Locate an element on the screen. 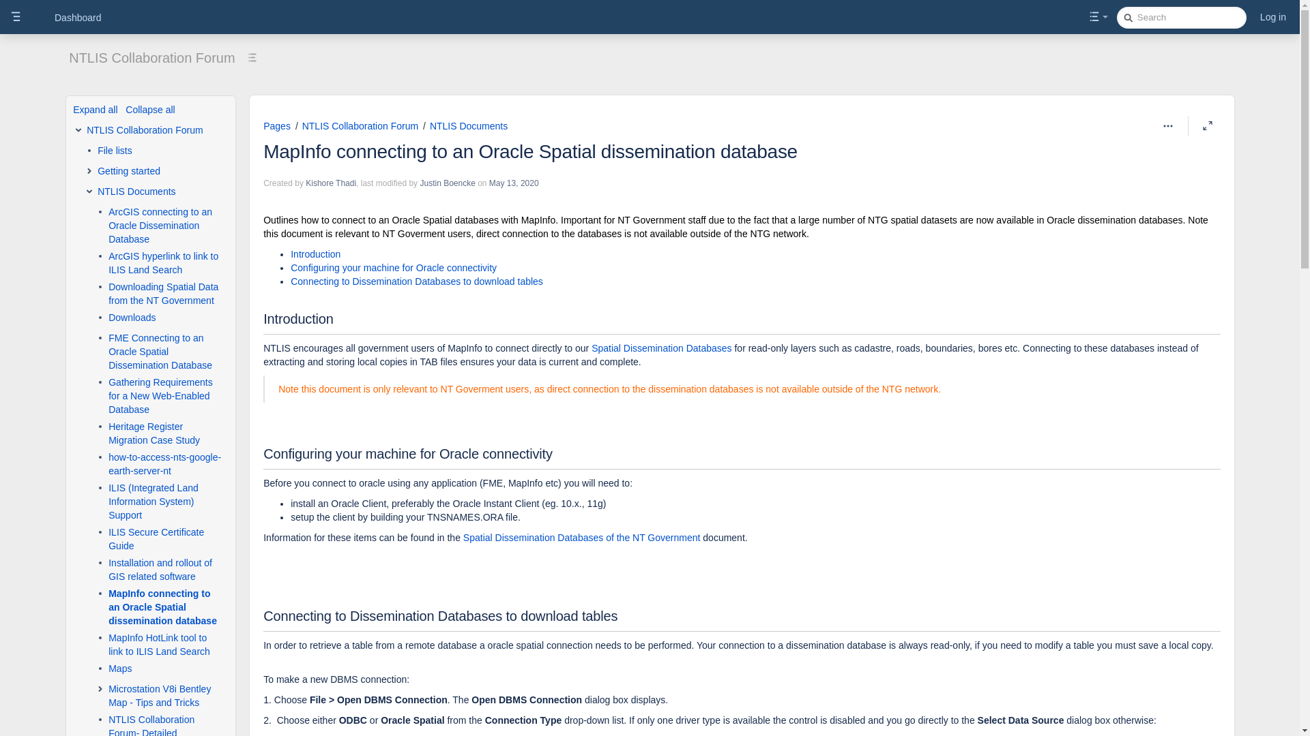 The image size is (1310, 736). 'Maps' is located at coordinates (120, 667).